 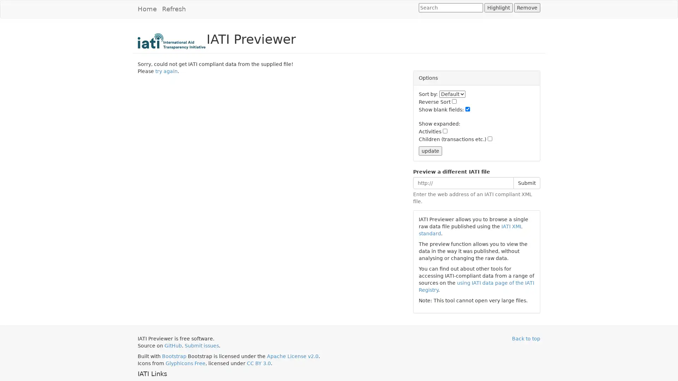 I want to click on Submit, so click(x=527, y=183).